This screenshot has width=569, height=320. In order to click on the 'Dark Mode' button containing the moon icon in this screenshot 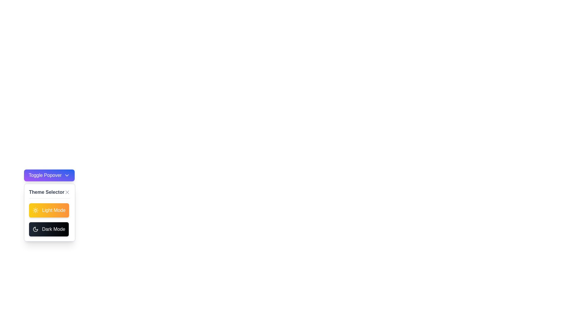, I will do `click(35, 229)`.